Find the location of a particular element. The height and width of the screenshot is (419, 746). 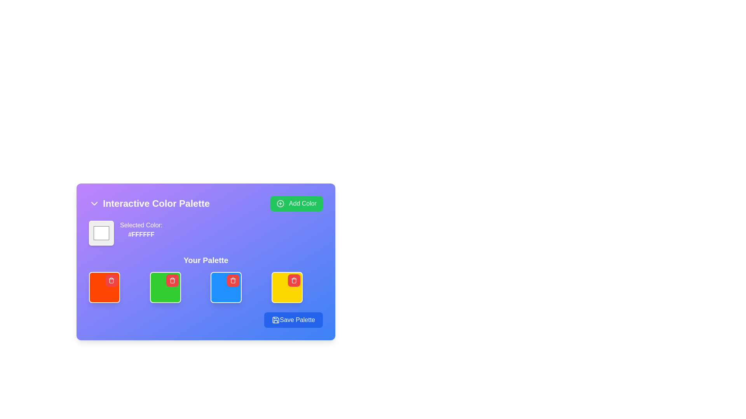

the SVG circle component of the plus button icon located at the top-right corner of the interface, near the 'Add Color' button's label area is located at coordinates (280, 203).